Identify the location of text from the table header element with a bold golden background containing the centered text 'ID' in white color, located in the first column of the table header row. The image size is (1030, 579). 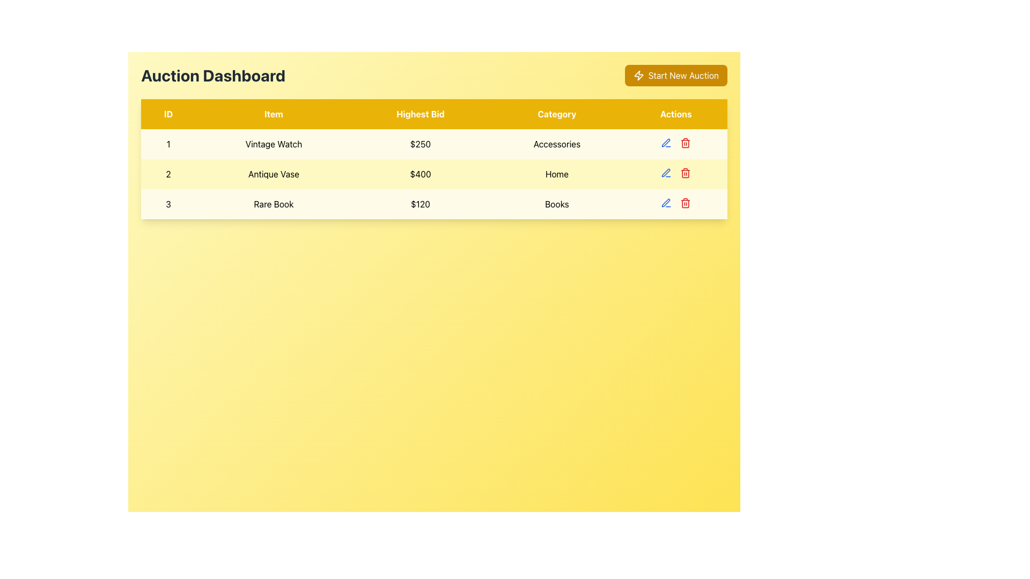
(168, 114).